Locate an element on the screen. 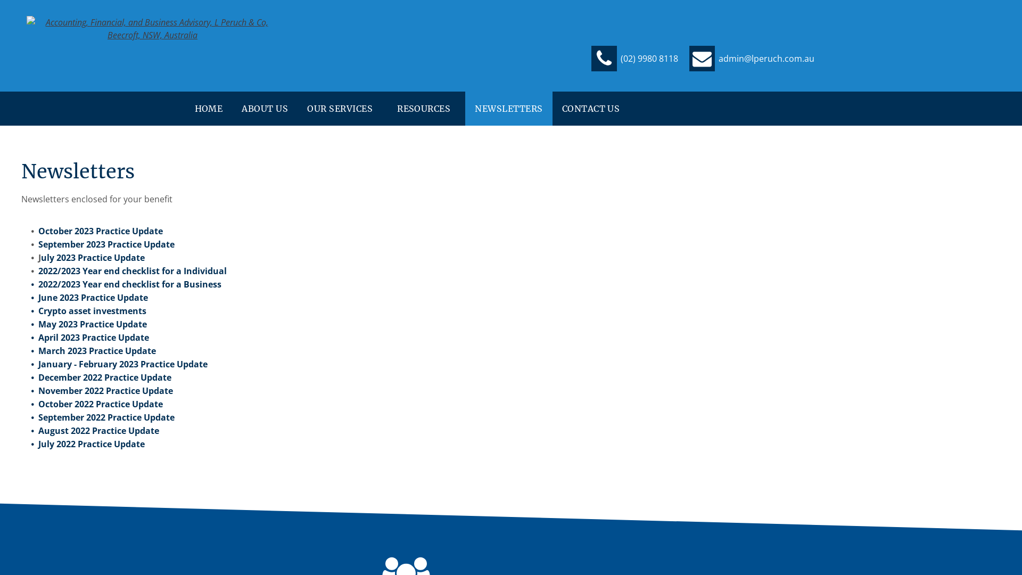 The width and height of the screenshot is (1022, 575). 'January - February 2023 Practice Update' is located at coordinates (122, 363).